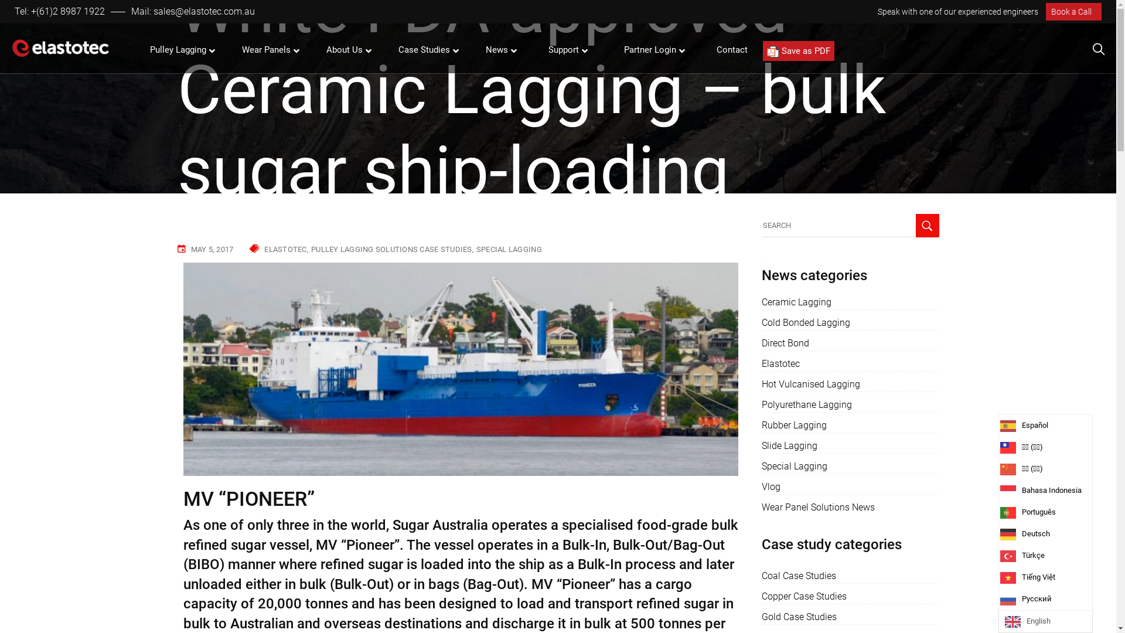  I want to click on 'Bahasa Indonesia', so click(1008, 491).